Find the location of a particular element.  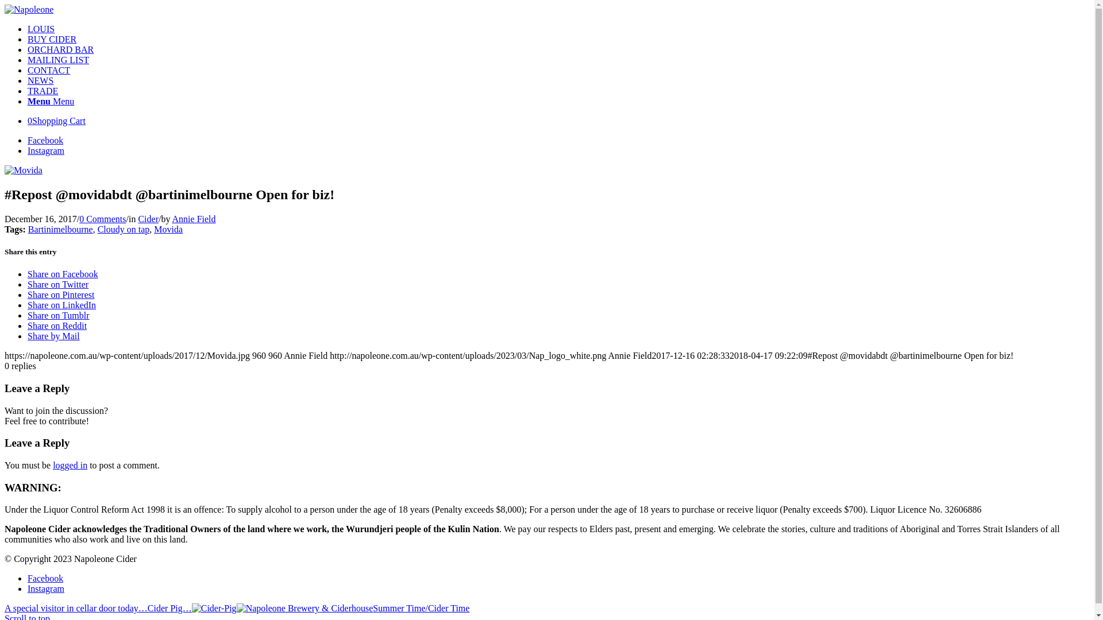

'Cloudy on tap' is located at coordinates (124, 229).